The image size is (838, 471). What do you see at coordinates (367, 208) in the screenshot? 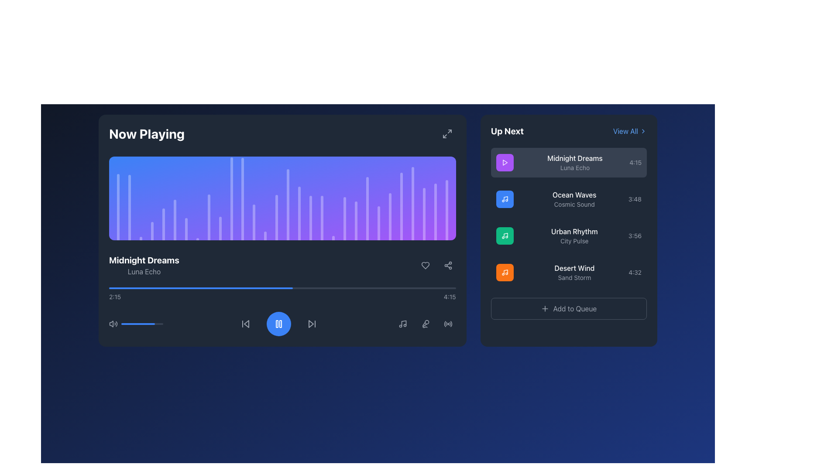
I see `the Graph Bar, which is a vertically elongated bar with a top-left rounded edge, located in the 22nd position among its sibling elements in the Now Playing section` at bounding box center [367, 208].